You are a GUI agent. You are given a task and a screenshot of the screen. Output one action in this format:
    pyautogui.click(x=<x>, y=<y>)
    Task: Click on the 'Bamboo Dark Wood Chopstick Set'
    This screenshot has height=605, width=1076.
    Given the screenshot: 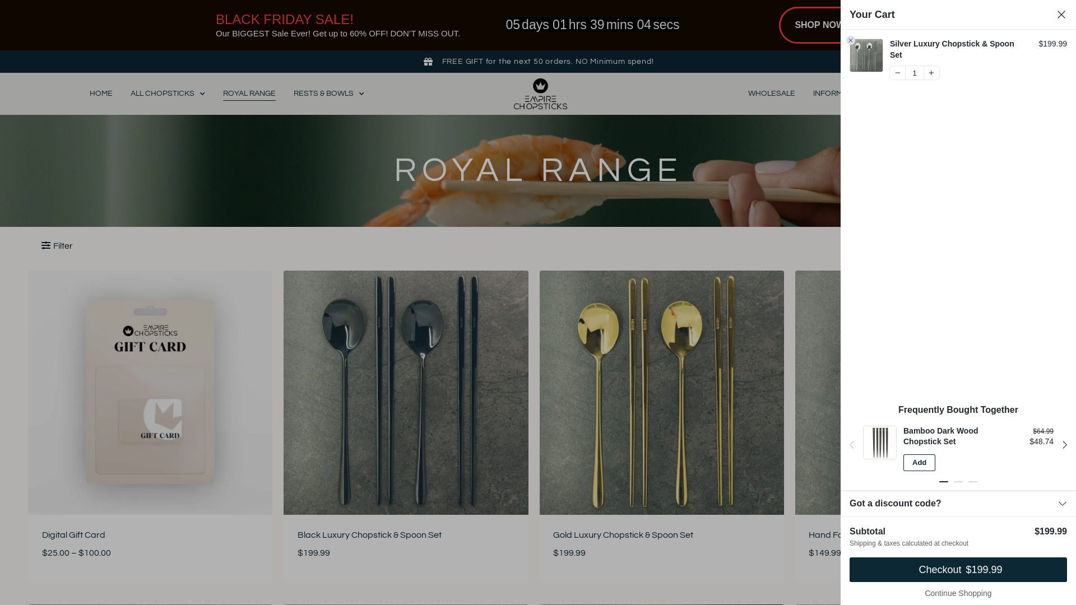 What is the action you would take?
    pyautogui.click(x=955, y=436)
    